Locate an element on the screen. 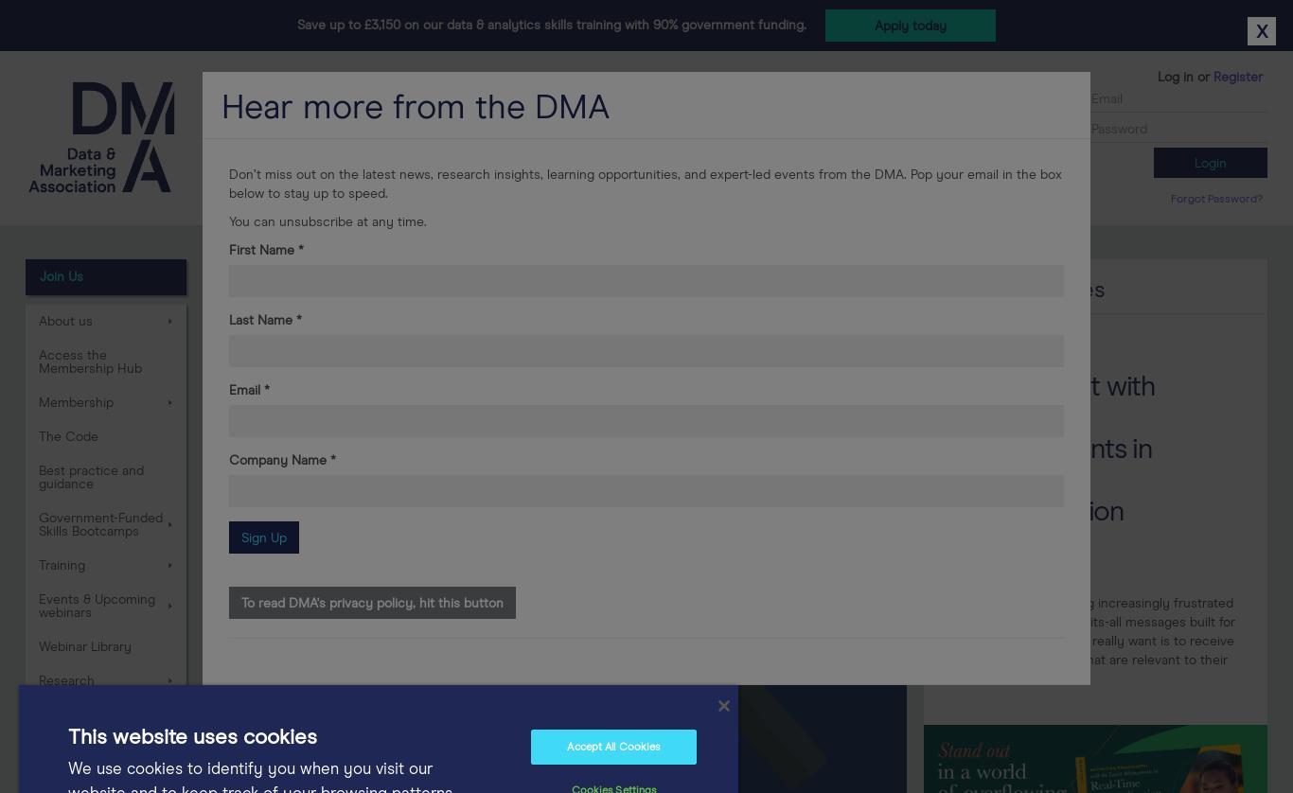 This screenshot has width=1293, height=793. 'Consumers are growing increasingly frustrated with generic, one-size-fits-all messages built for the masses. What they really want is to receive emails and messages that are relevant to their interests.' is located at coordinates (1092, 640).